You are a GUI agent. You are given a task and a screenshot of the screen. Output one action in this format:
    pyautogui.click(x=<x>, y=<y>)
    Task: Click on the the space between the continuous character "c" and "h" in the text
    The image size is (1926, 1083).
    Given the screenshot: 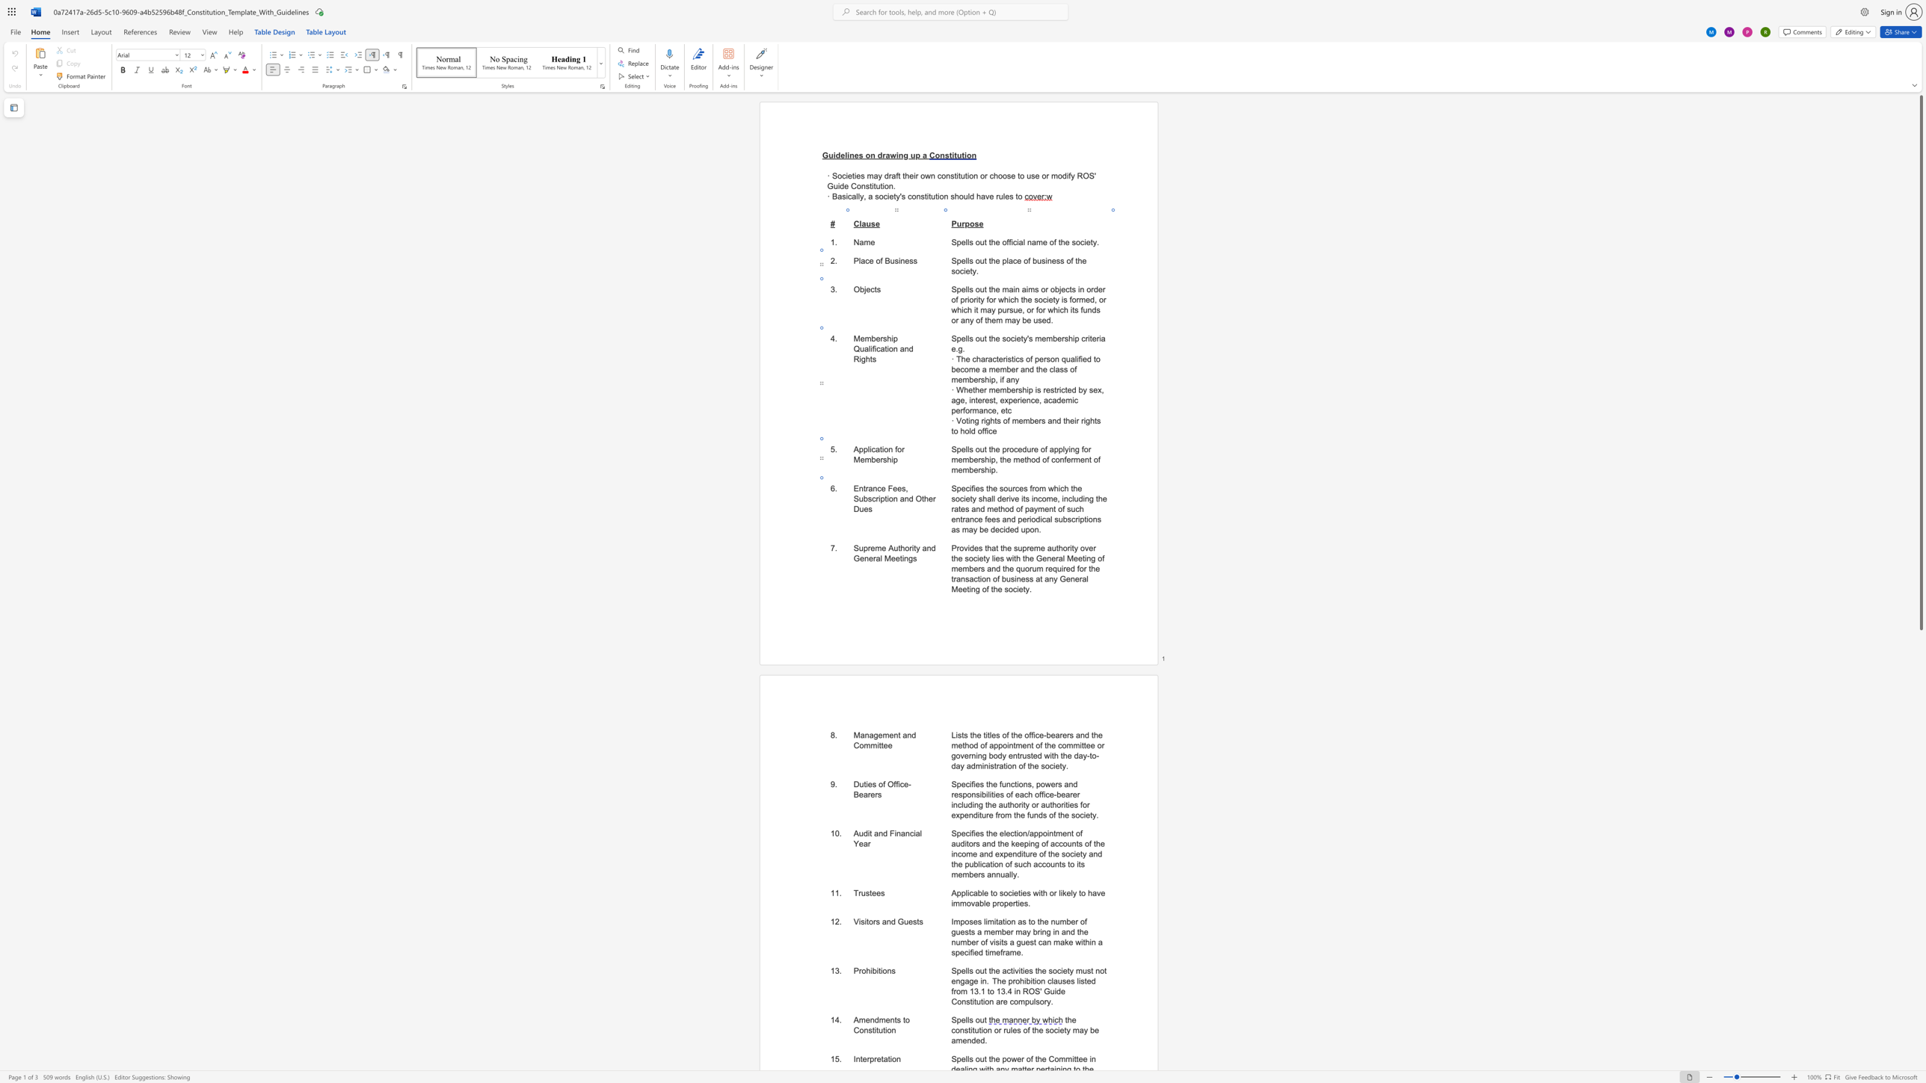 What is the action you would take?
    pyautogui.click(x=1026, y=865)
    